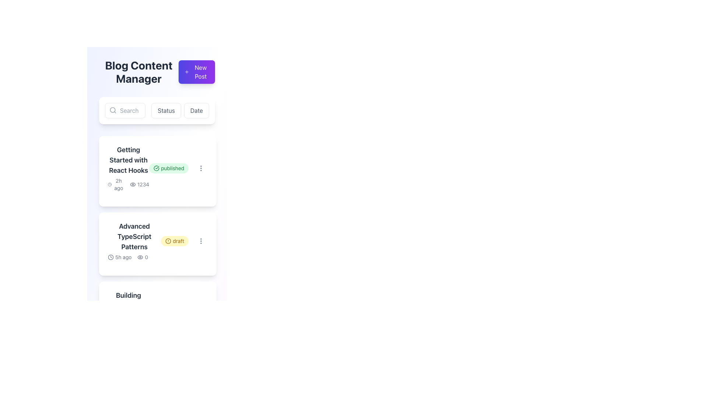  Describe the element at coordinates (143, 257) in the screenshot. I see `the icon displaying the number of views for the post titled 'Advanced TypeScript Patterns', located below '5h ago' in the card` at that location.